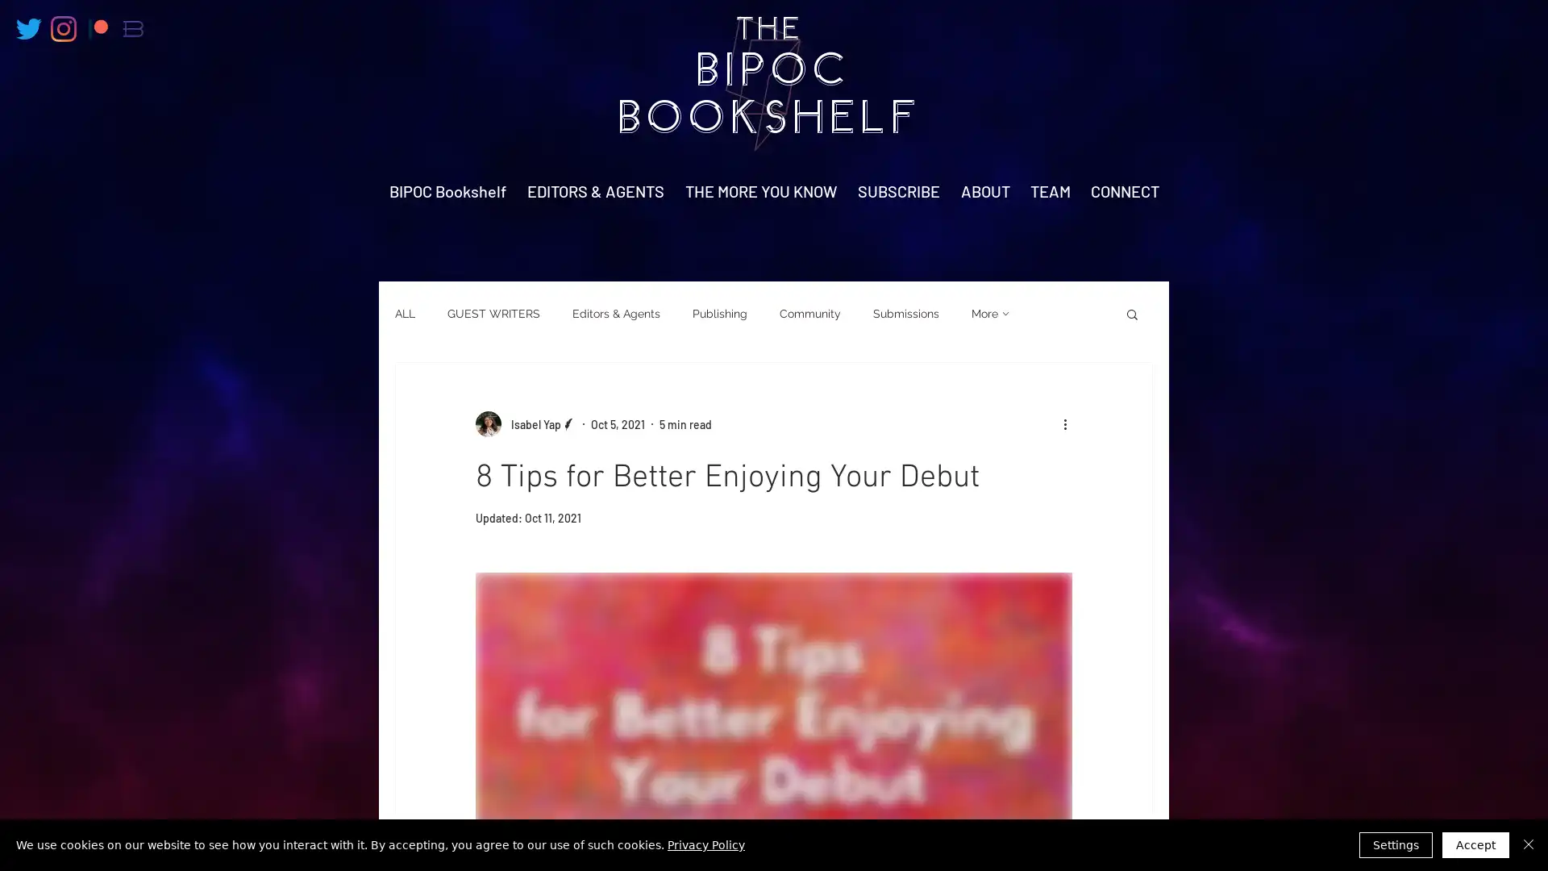 The width and height of the screenshot is (1548, 871). I want to click on Search, so click(1131, 315).